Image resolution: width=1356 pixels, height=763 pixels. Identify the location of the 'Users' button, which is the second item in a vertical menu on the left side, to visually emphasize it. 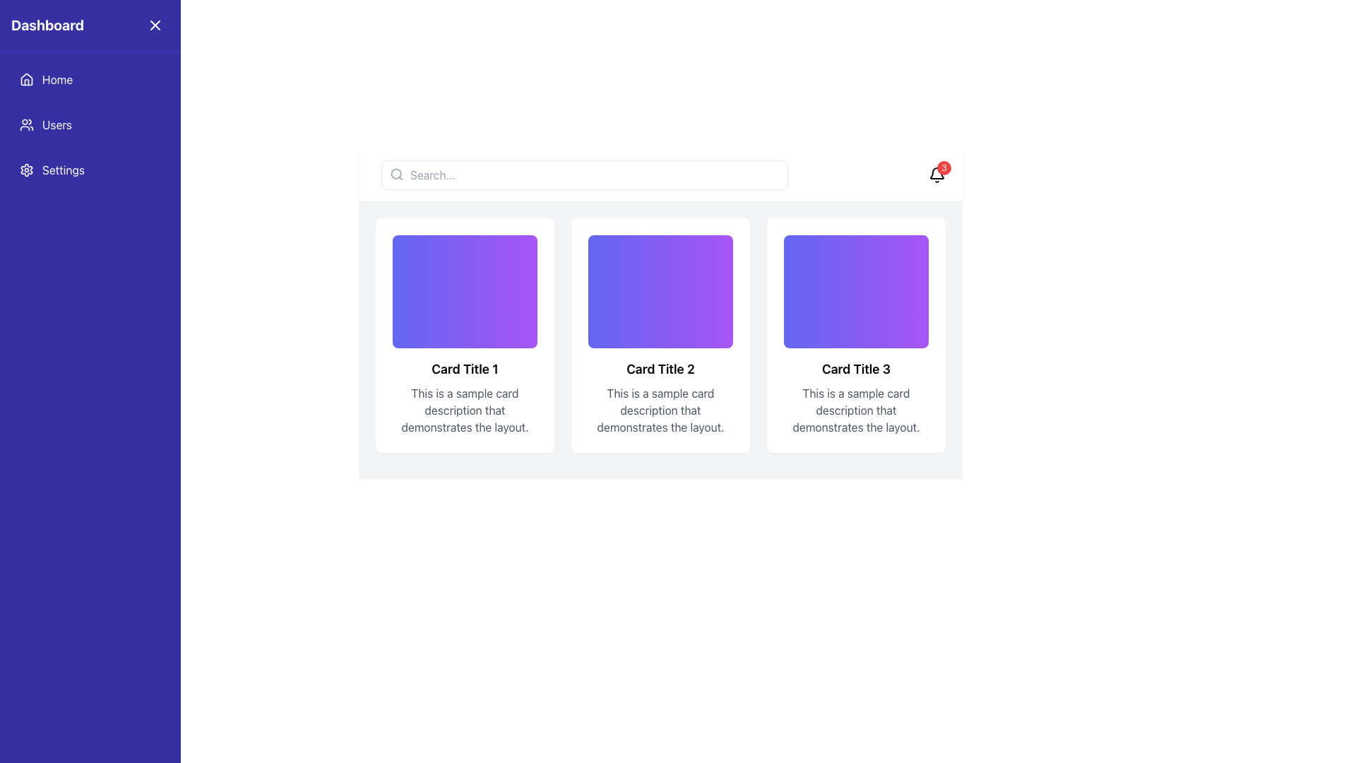
(90, 124).